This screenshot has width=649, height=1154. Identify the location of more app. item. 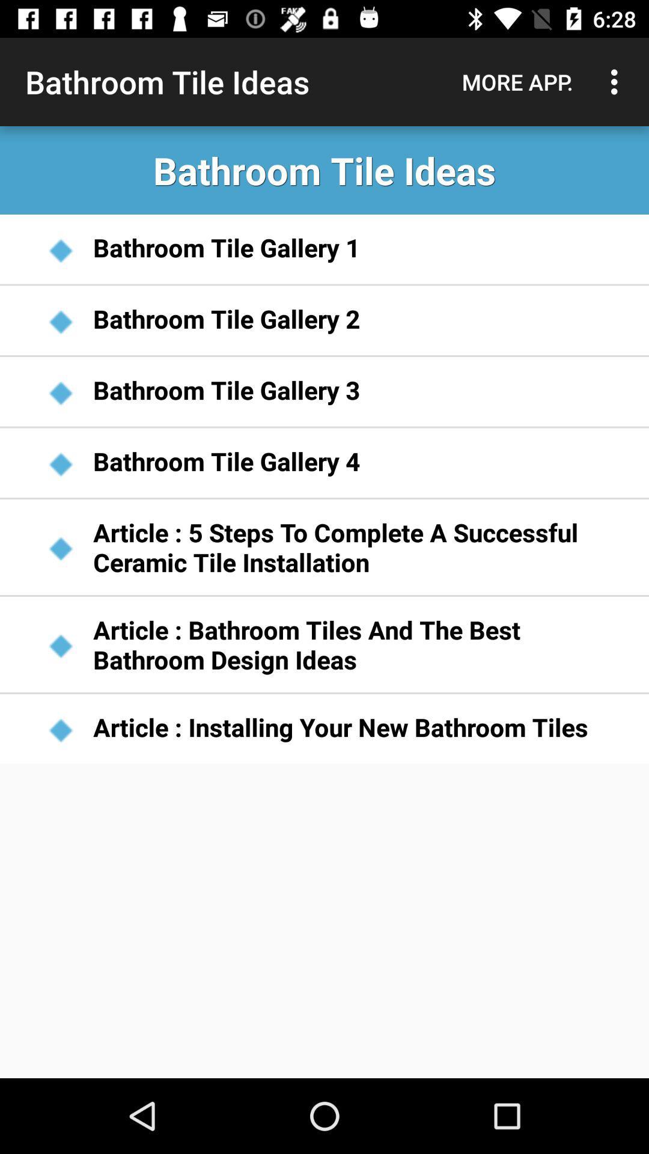
(517, 81).